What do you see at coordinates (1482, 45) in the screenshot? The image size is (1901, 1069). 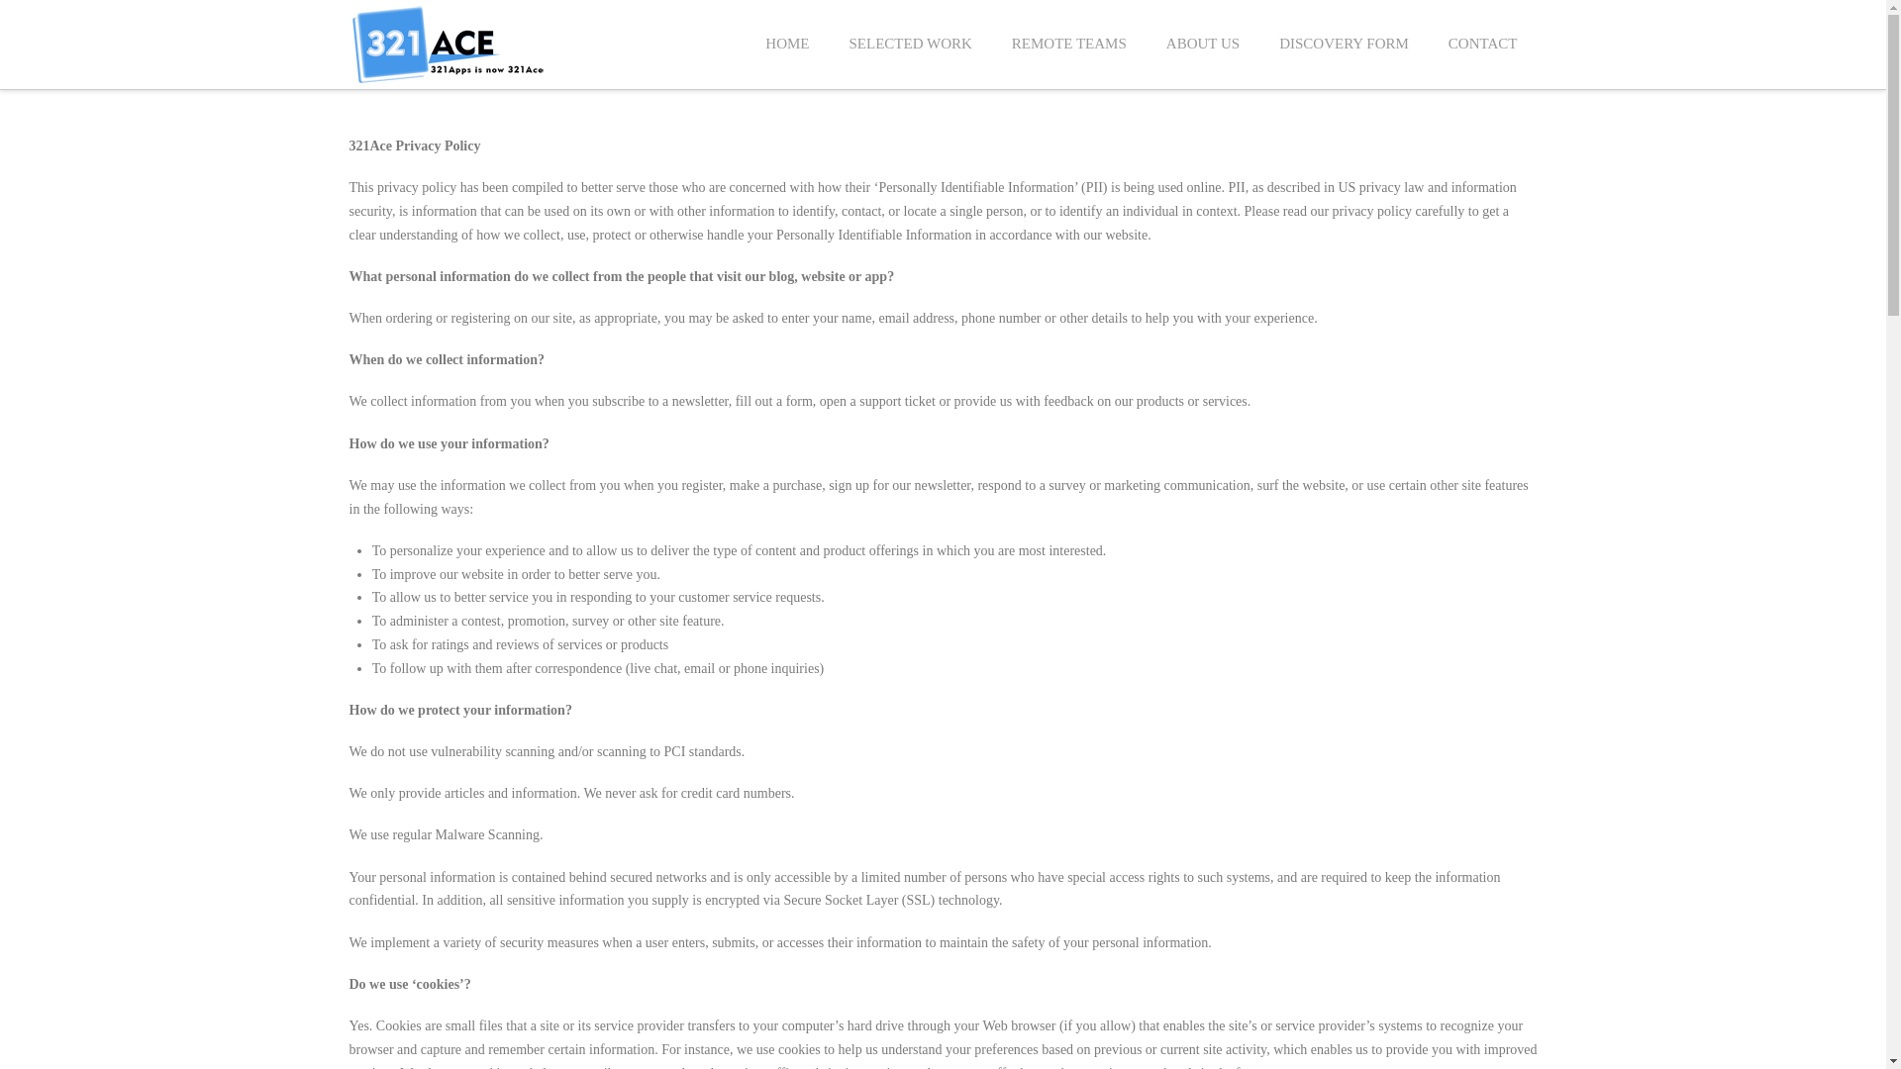 I see `'CONTACT'` at bounding box center [1482, 45].